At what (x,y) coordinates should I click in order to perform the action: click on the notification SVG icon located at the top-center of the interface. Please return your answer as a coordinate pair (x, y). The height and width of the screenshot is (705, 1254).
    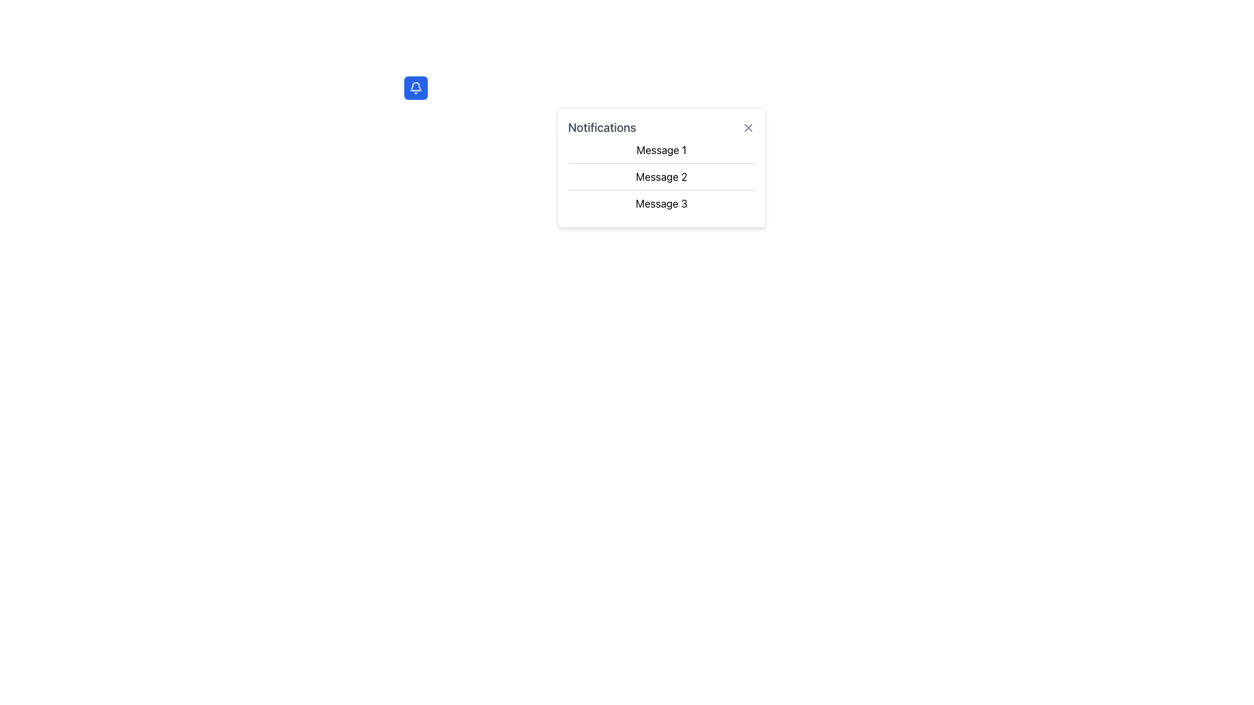
    Looking at the image, I should click on (415, 88).